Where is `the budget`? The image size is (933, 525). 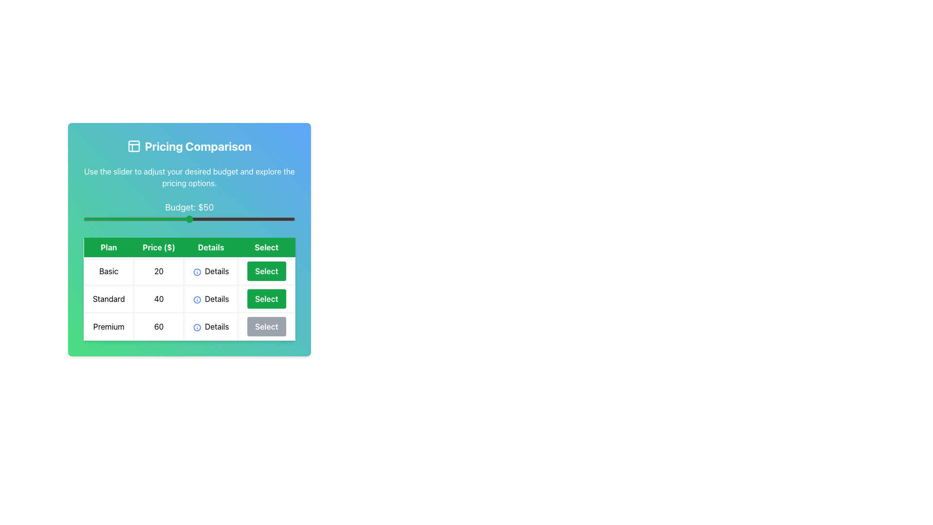 the budget is located at coordinates (195, 219).